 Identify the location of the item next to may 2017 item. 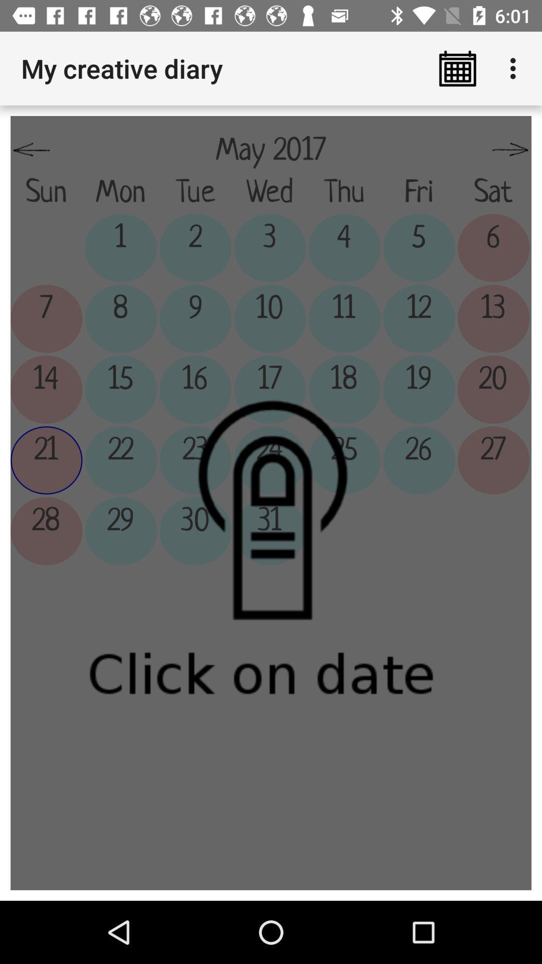
(510, 150).